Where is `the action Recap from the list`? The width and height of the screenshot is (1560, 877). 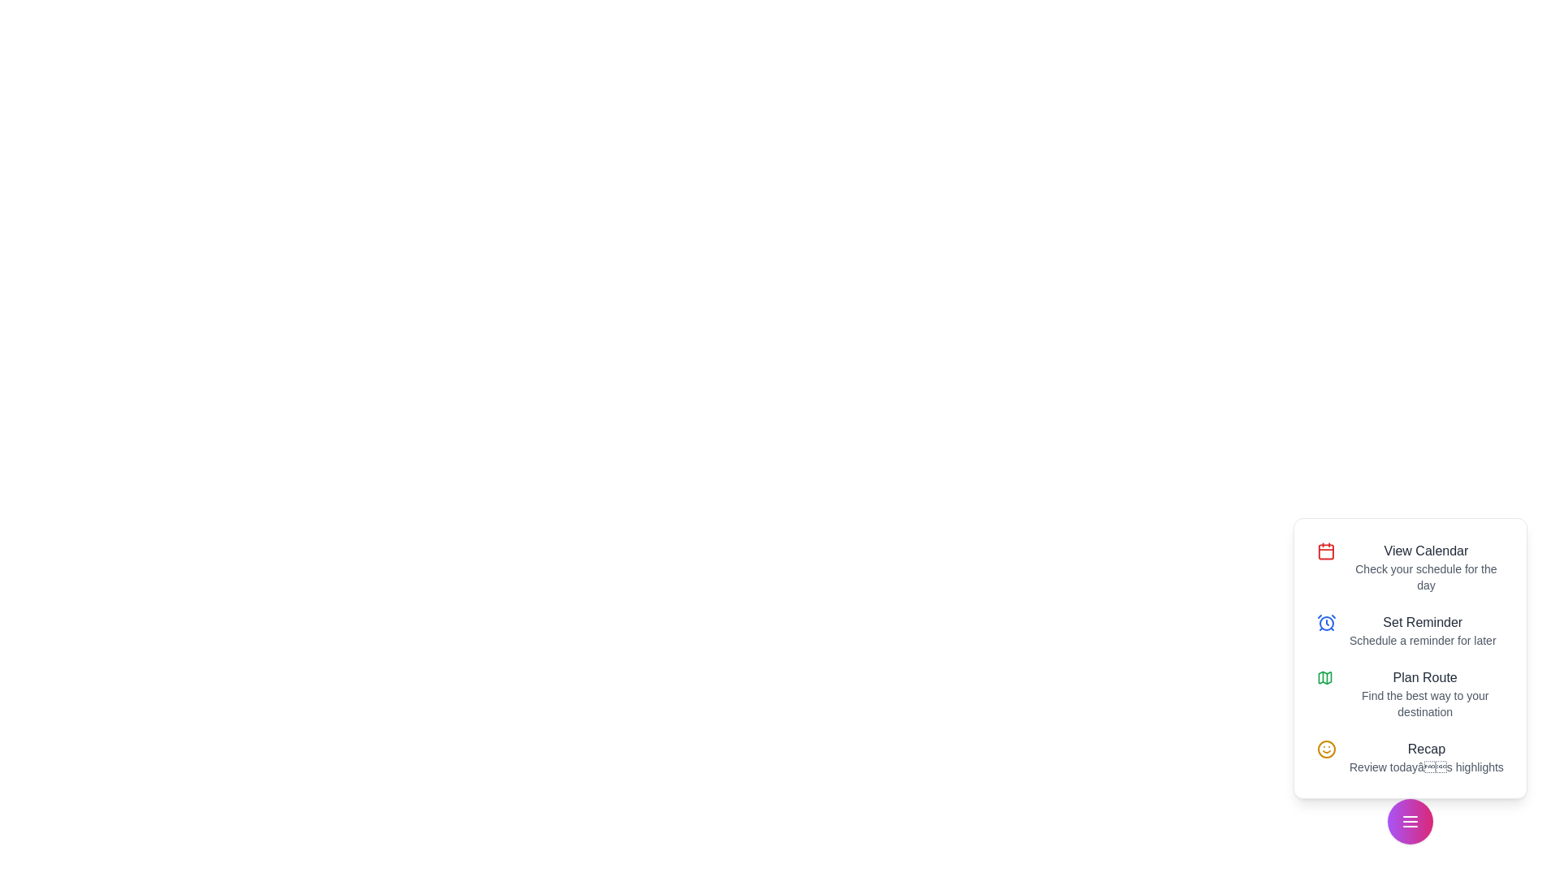
the action Recap from the list is located at coordinates (1410, 758).